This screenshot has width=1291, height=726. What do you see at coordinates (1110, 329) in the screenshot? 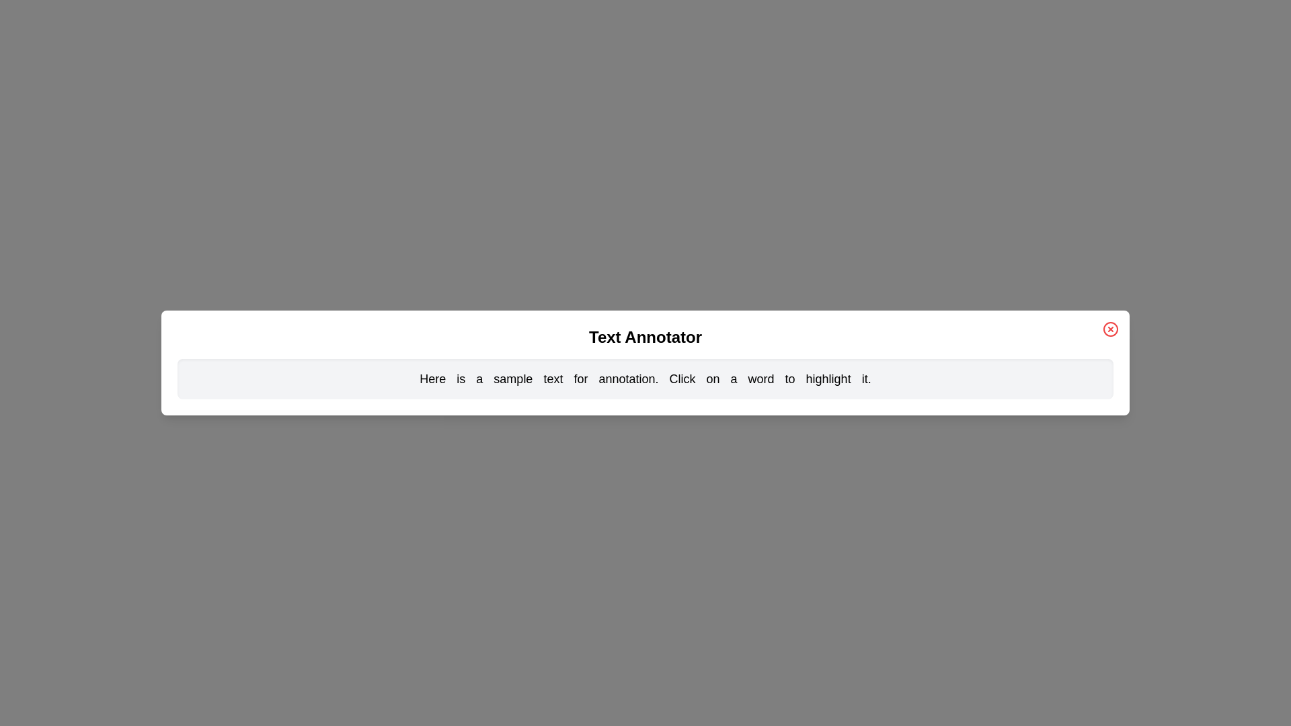
I see `the close button to dismiss the dialog` at bounding box center [1110, 329].